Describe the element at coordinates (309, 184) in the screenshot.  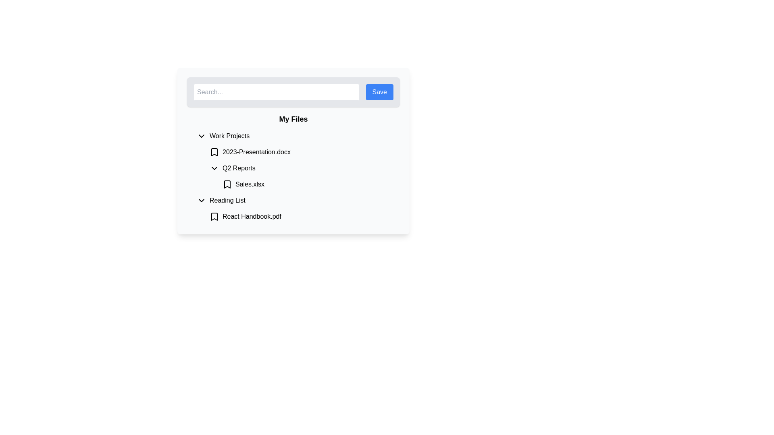
I see `the second item in the 'Q2 Reports' section of the file management interface` at that location.